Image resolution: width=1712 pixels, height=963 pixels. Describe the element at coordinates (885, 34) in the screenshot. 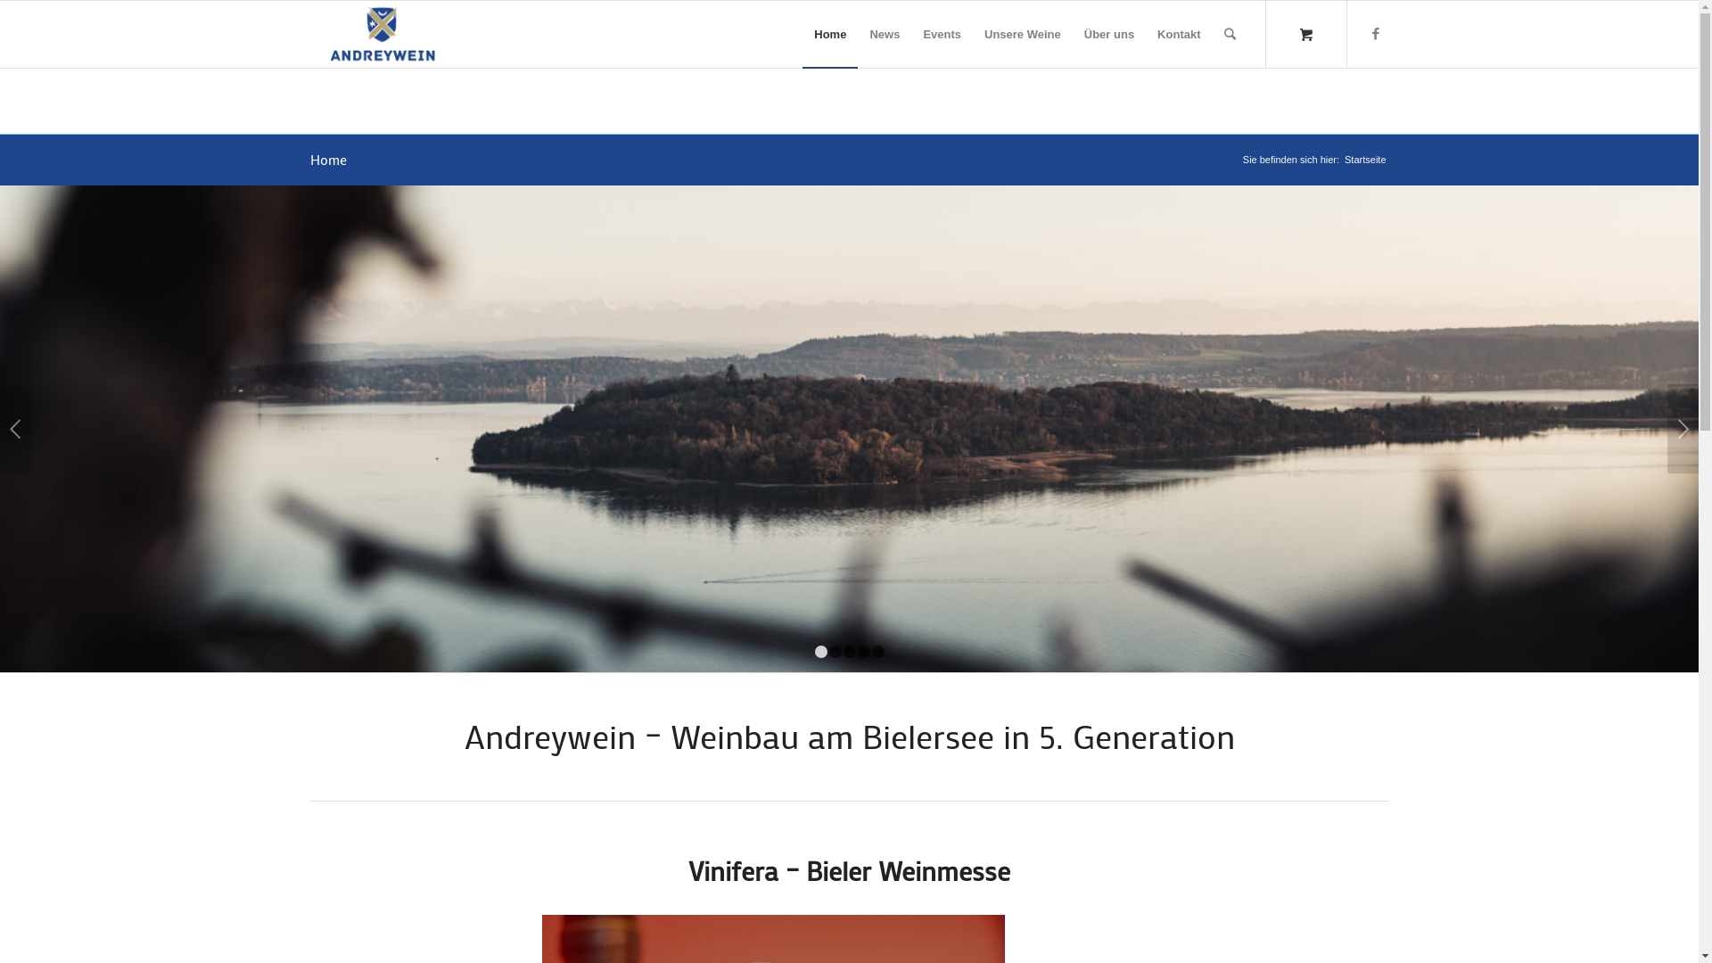

I see `'News'` at that location.